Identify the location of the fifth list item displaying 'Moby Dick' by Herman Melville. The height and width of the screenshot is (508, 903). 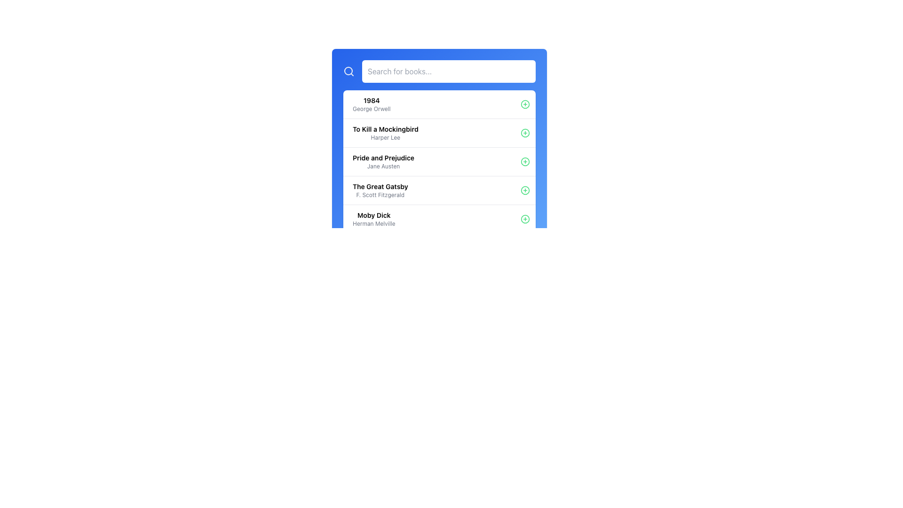
(439, 219).